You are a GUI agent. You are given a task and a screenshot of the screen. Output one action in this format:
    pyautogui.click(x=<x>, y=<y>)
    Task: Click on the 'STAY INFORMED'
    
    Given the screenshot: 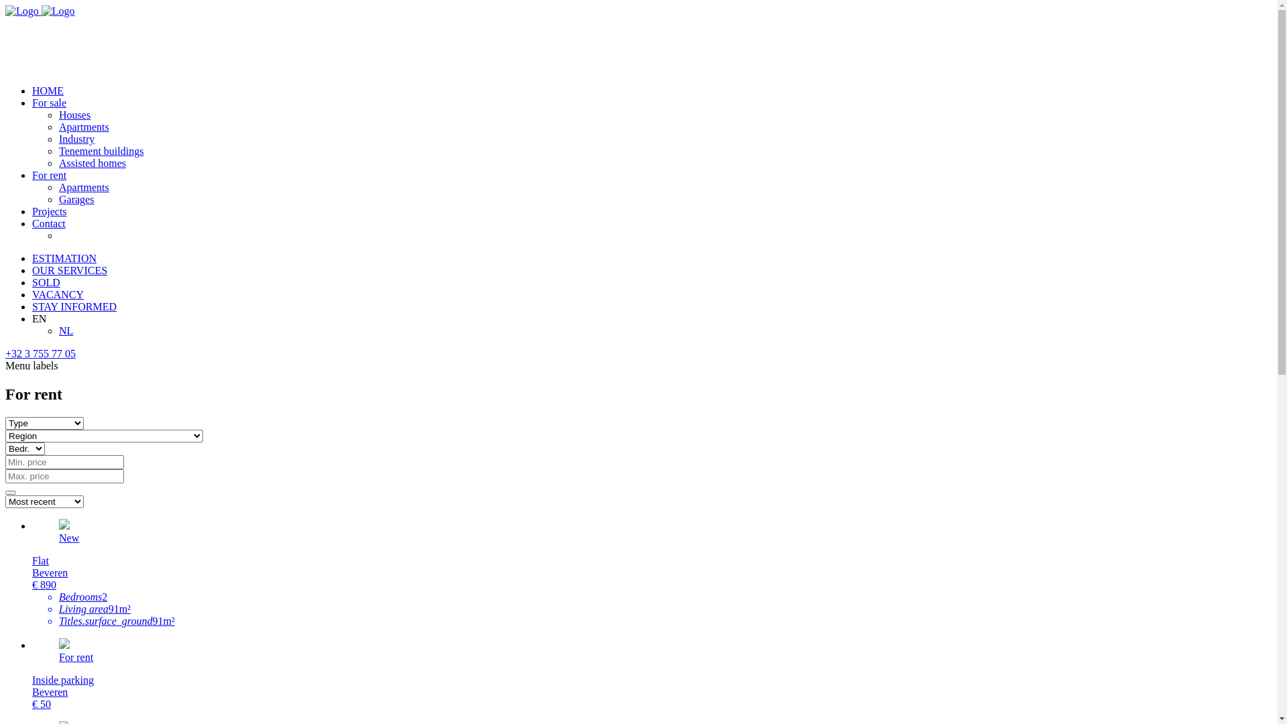 What is the action you would take?
    pyautogui.click(x=73, y=306)
    